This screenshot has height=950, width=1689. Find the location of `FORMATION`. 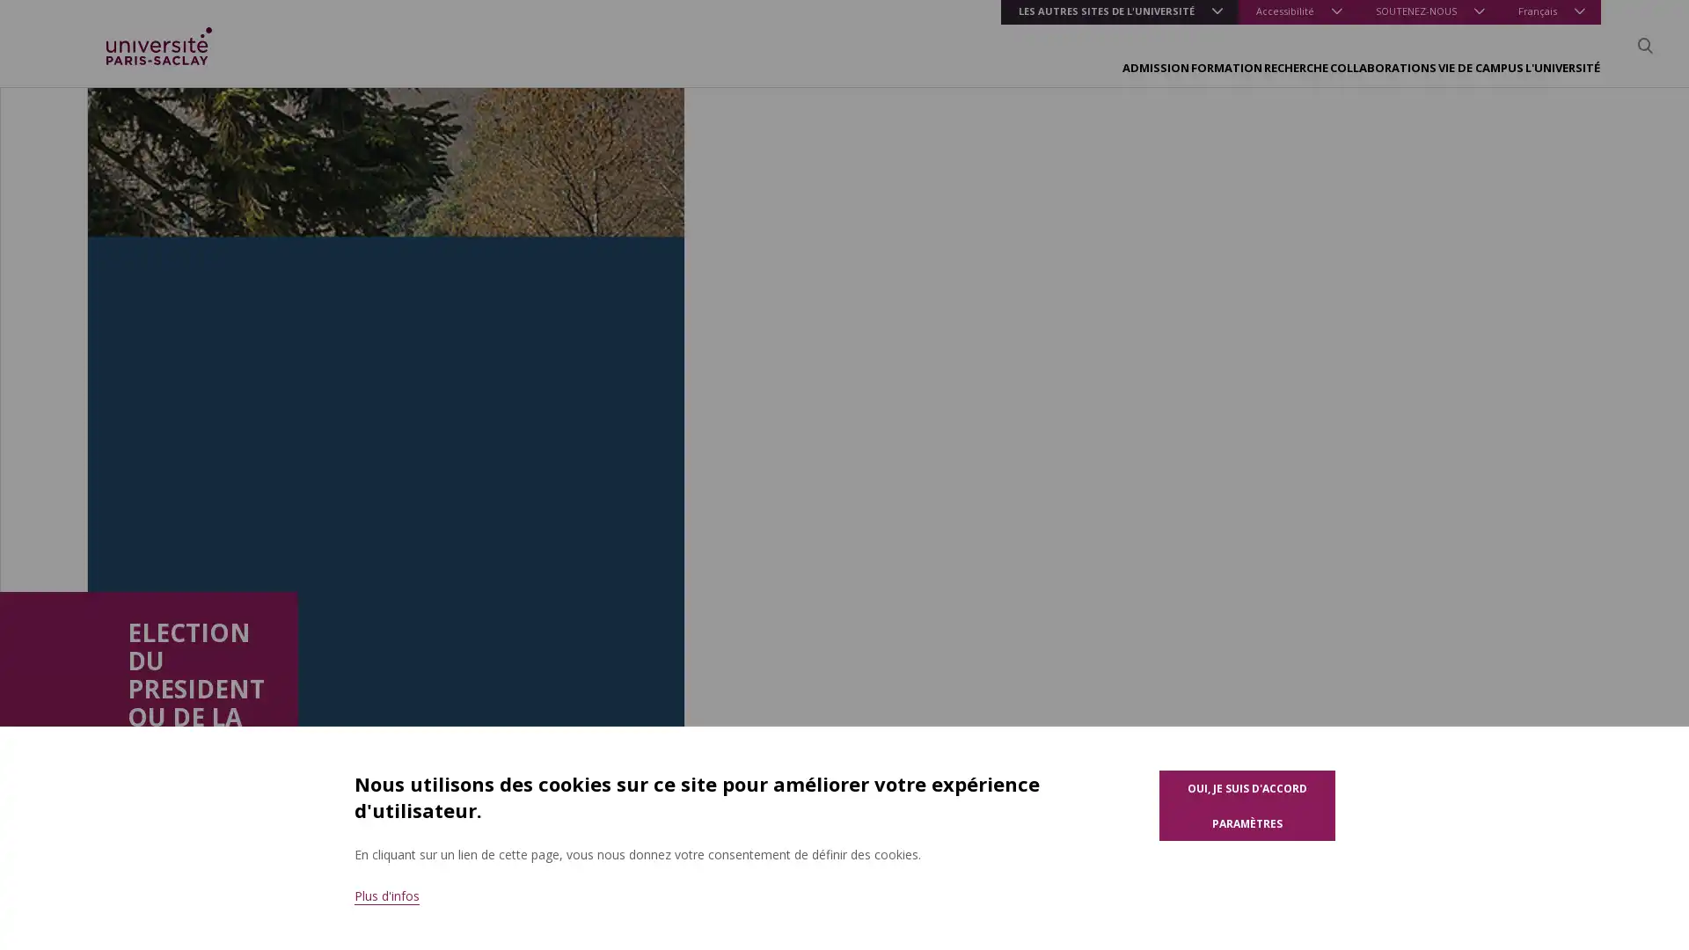

FORMATION is located at coordinates (998, 60).